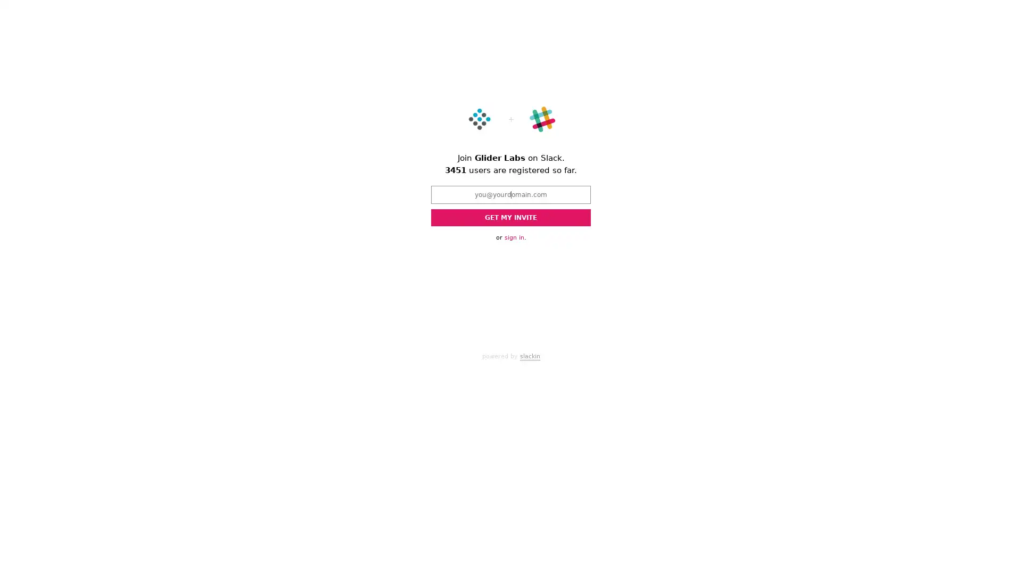  What do you see at coordinates (511, 217) in the screenshot?
I see `GET MY INVITE` at bounding box center [511, 217].